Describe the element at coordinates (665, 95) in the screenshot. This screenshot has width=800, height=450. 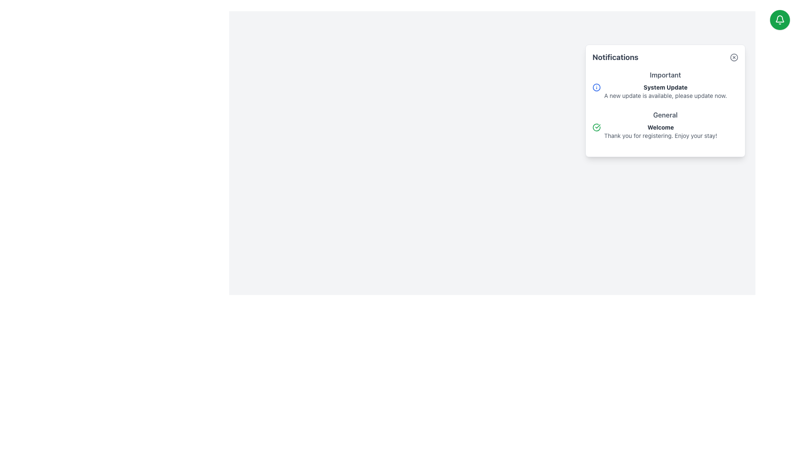
I see `static text that says 'A new update is available, please update now.' located in the notification dialog box under the heading 'System Update.'` at that location.